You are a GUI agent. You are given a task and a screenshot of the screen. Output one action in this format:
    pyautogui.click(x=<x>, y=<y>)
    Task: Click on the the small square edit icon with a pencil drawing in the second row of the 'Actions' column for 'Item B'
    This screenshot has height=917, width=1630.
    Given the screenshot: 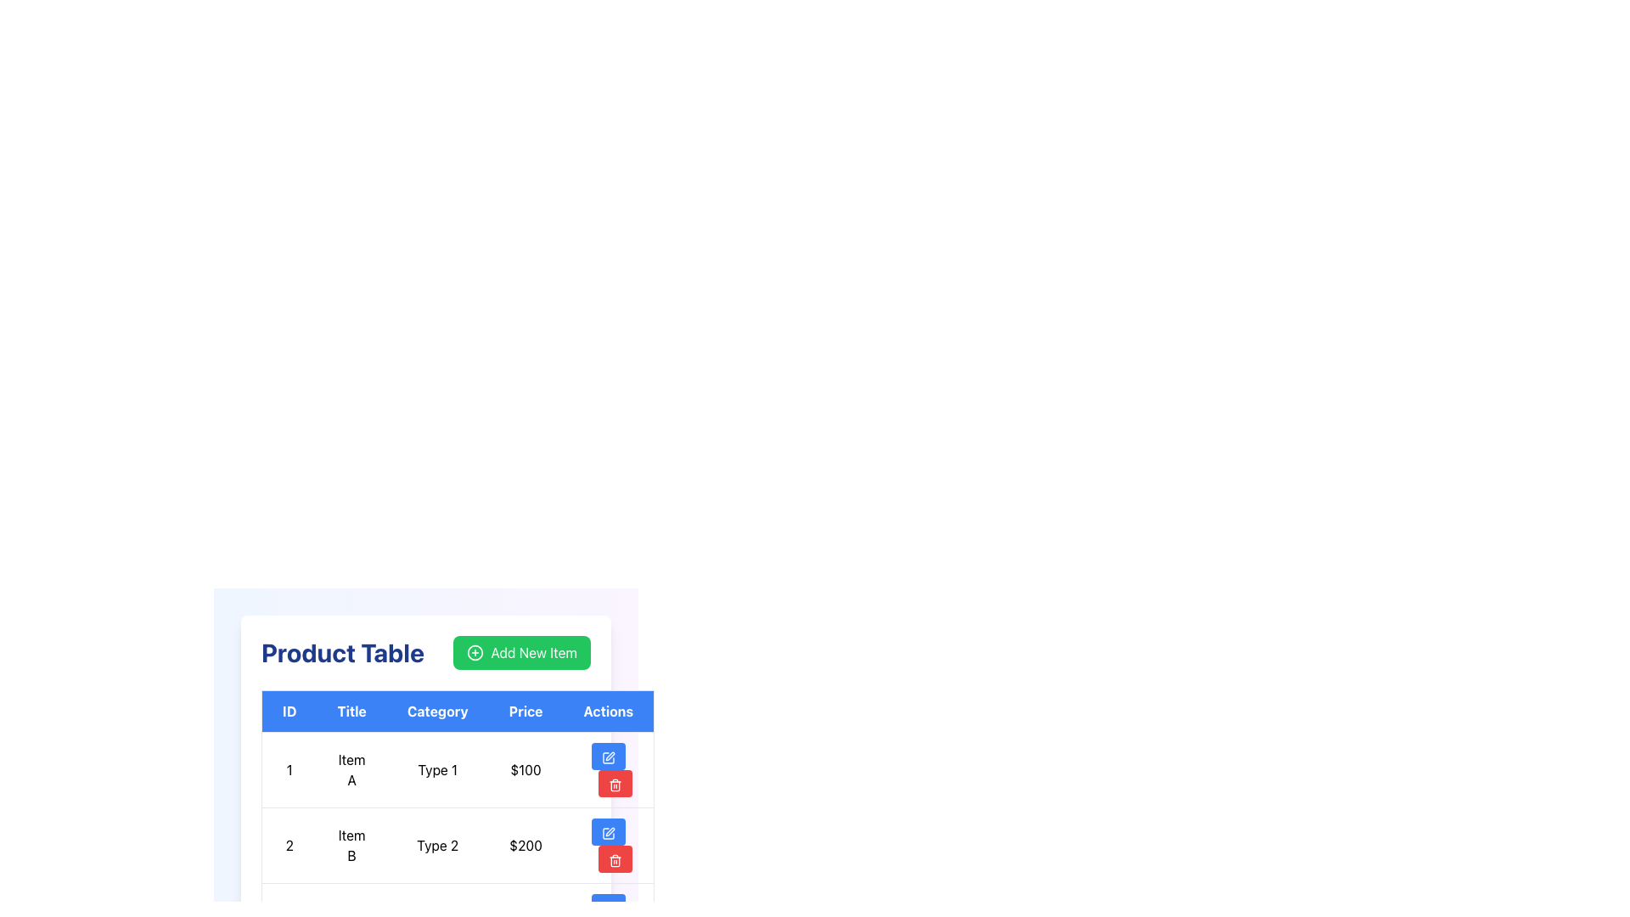 What is the action you would take?
    pyautogui.click(x=608, y=832)
    